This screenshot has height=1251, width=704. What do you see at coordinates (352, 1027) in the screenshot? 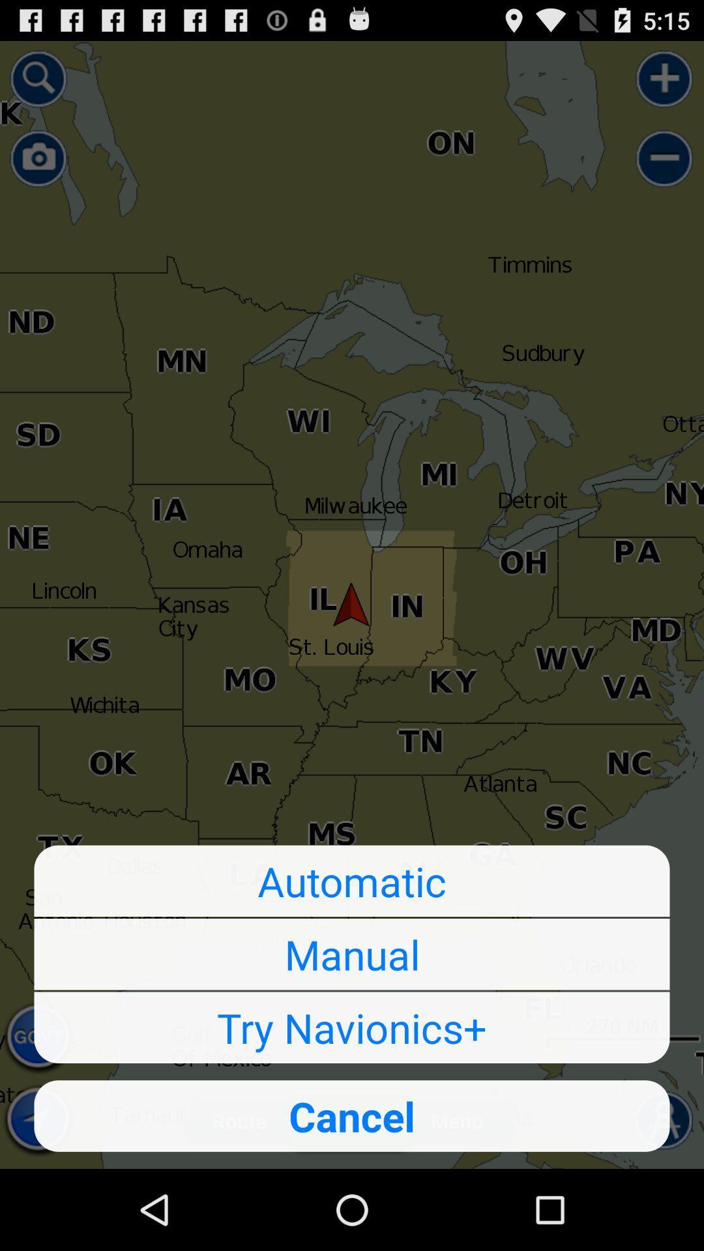
I see `button below manual` at bounding box center [352, 1027].